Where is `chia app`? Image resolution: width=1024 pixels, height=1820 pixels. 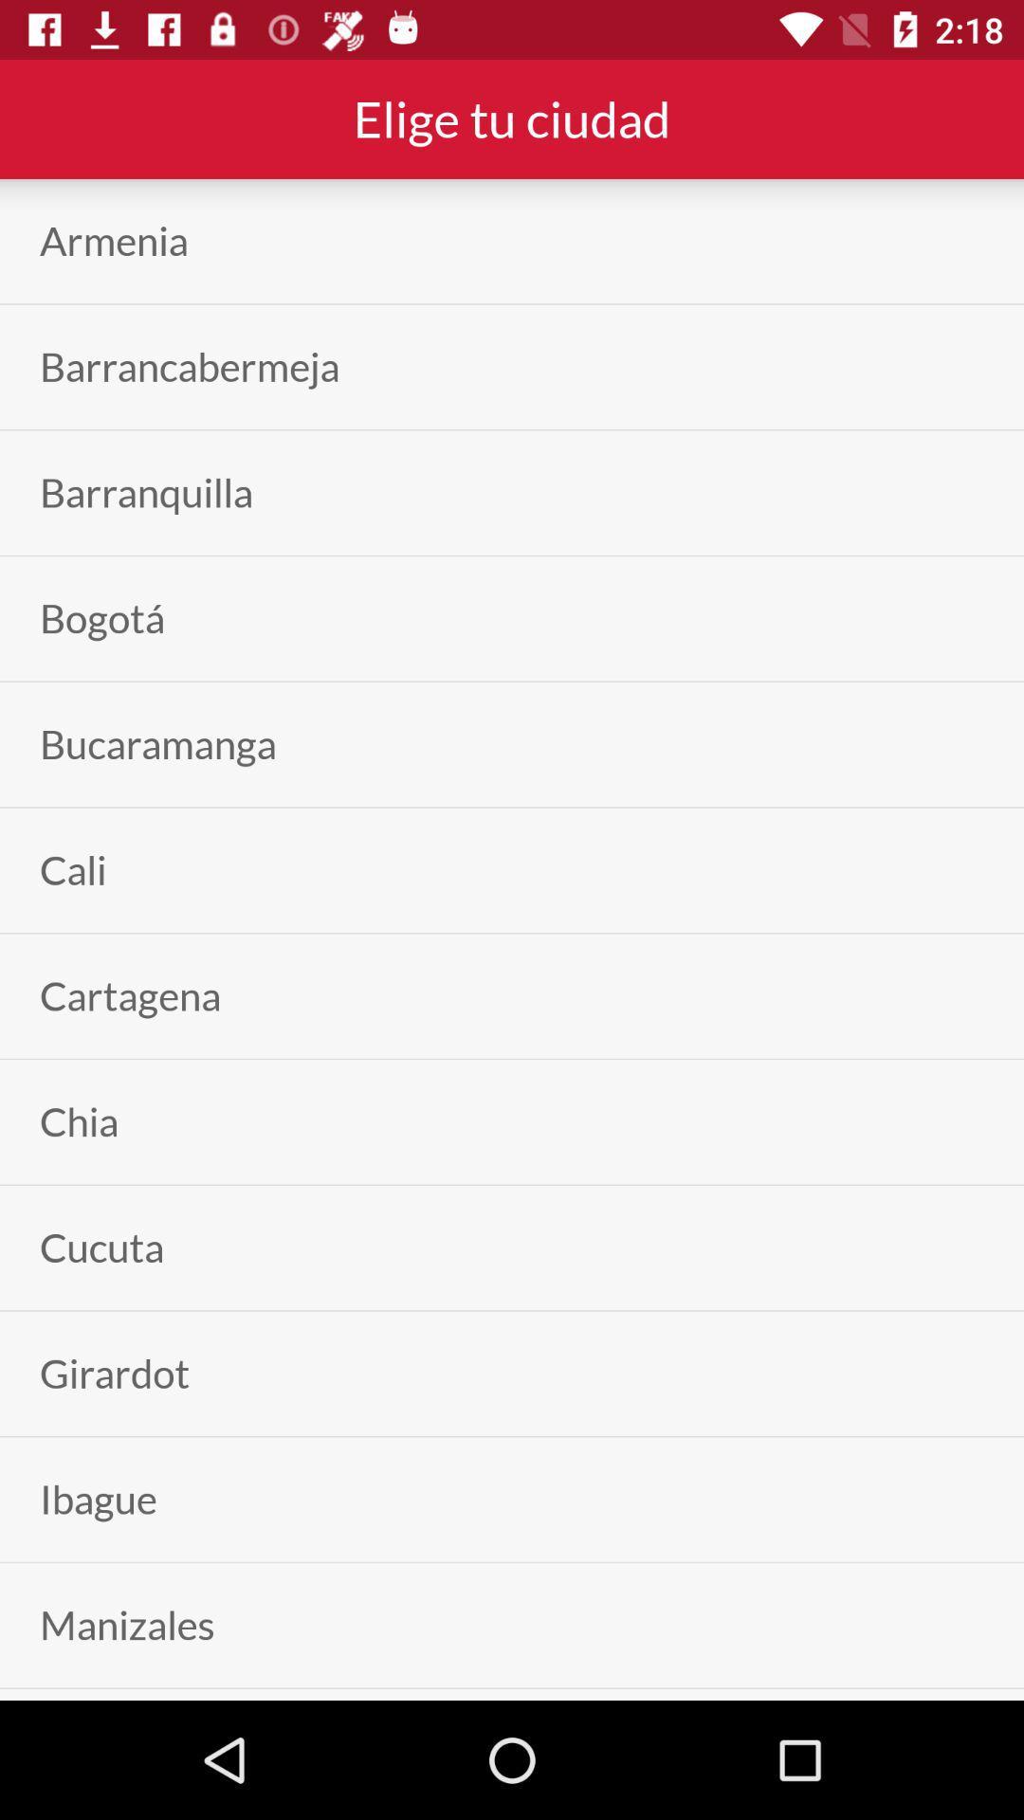
chia app is located at coordinates (78, 1121).